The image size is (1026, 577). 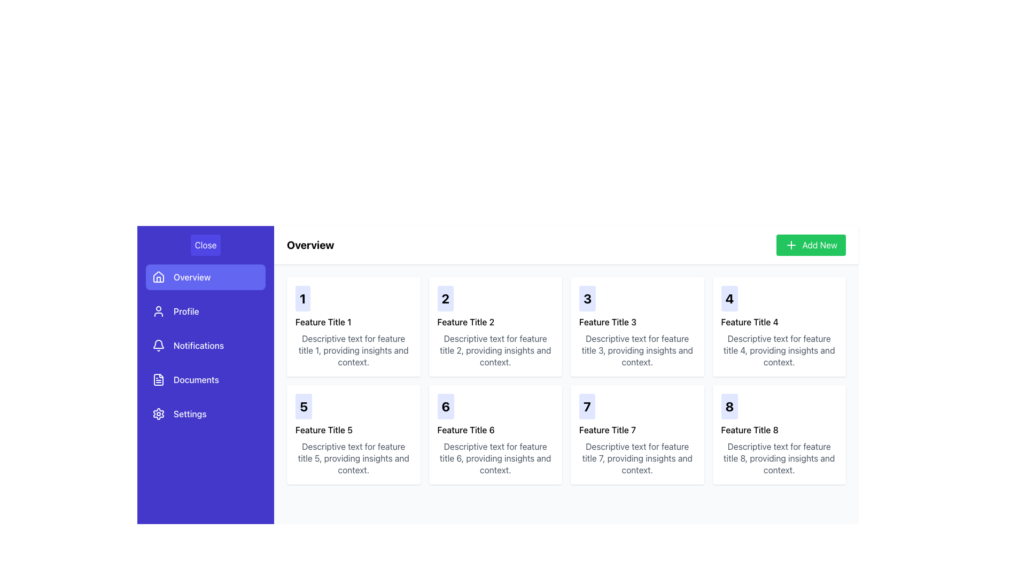 What do you see at coordinates (779, 350) in the screenshot?
I see `descriptive text styled in gray color that is aligned beneath the title 'Feature Title 4', located in the fourth card of the grid layout` at bounding box center [779, 350].